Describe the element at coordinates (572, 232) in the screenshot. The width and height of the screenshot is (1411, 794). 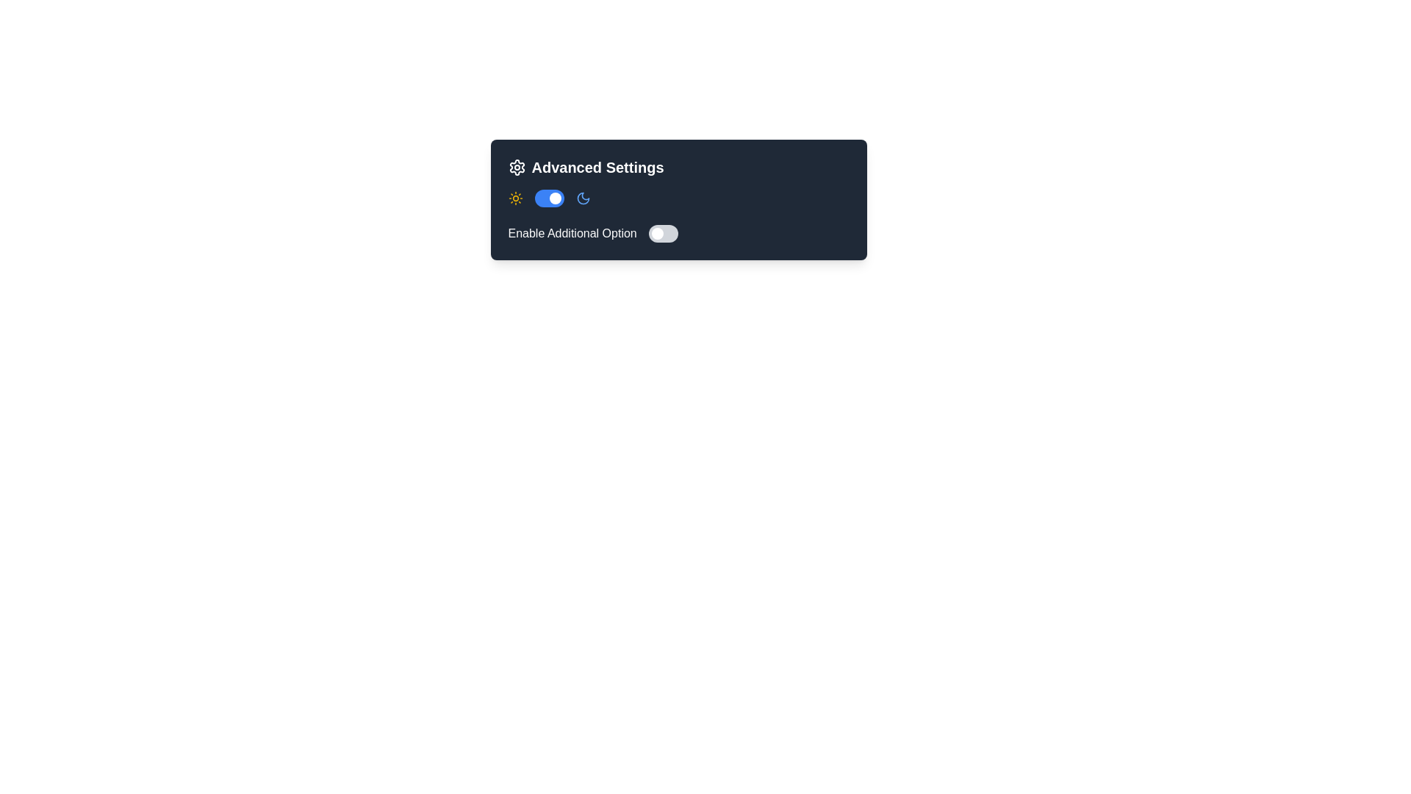
I see `the Text Label in the 'Advanced Settings' section that describes the function of the adjacent toggle switch` at that location.